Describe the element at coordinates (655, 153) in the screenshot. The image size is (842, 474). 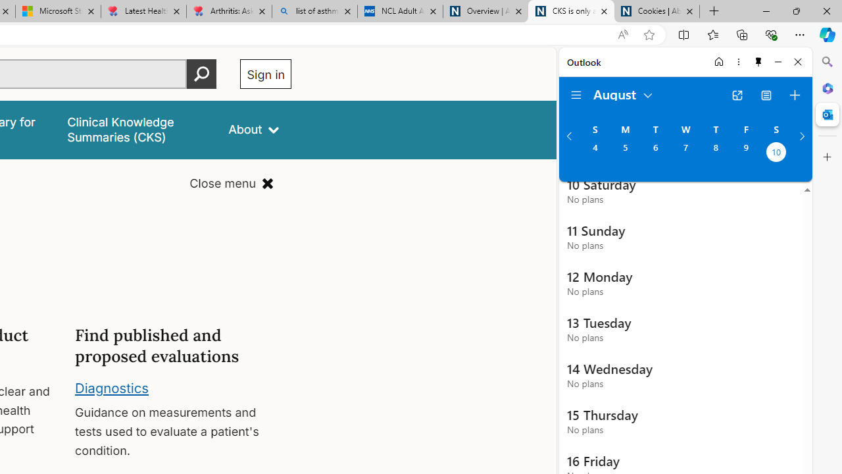
I see `'Tuesday, August 6, 2024. '` at that location.